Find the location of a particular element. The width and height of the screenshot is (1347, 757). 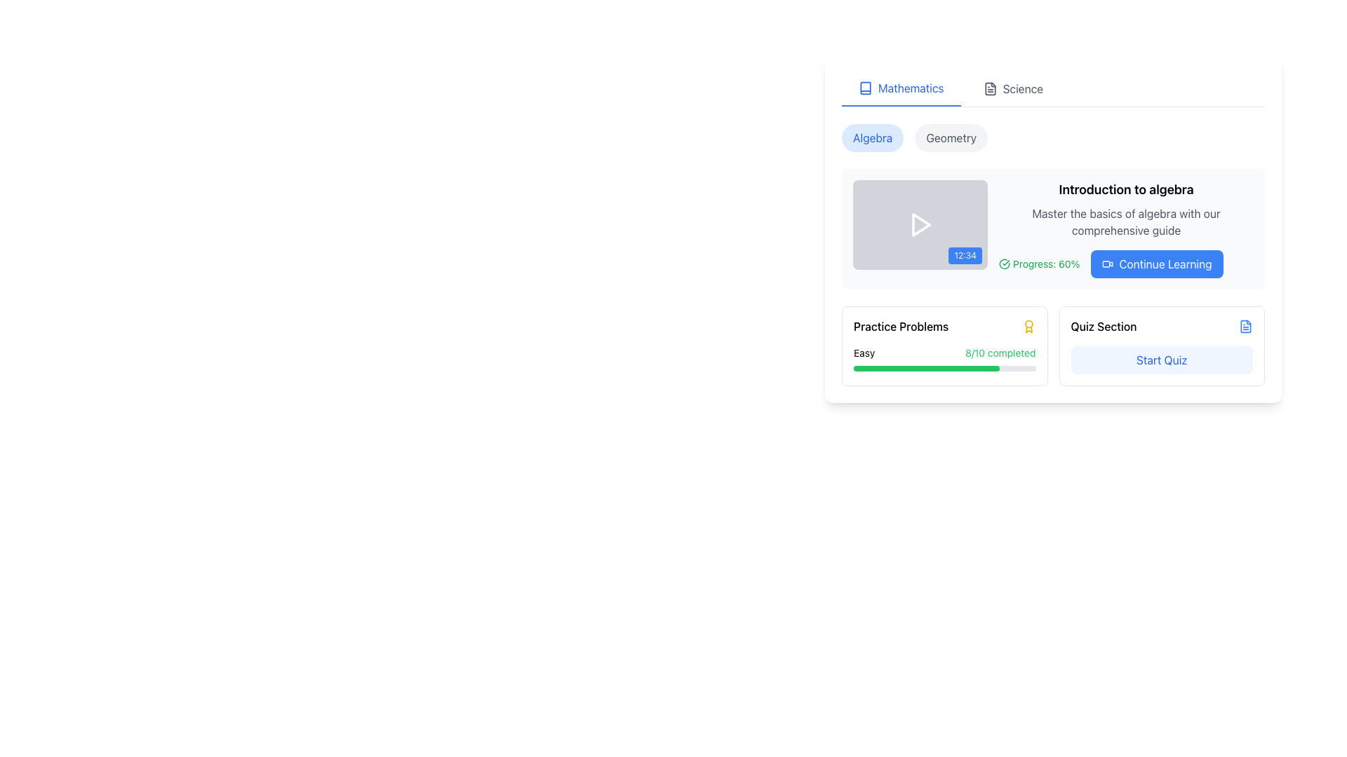

the 'Science' text label in the header section is located at coordinates (1023, 89).